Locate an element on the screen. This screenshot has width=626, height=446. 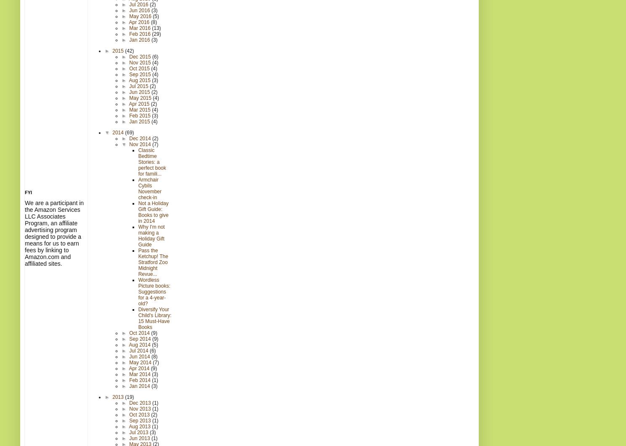
'Not a Holiday Gift Guide: Books to give in 2014' is located at coordinates (153, 212).